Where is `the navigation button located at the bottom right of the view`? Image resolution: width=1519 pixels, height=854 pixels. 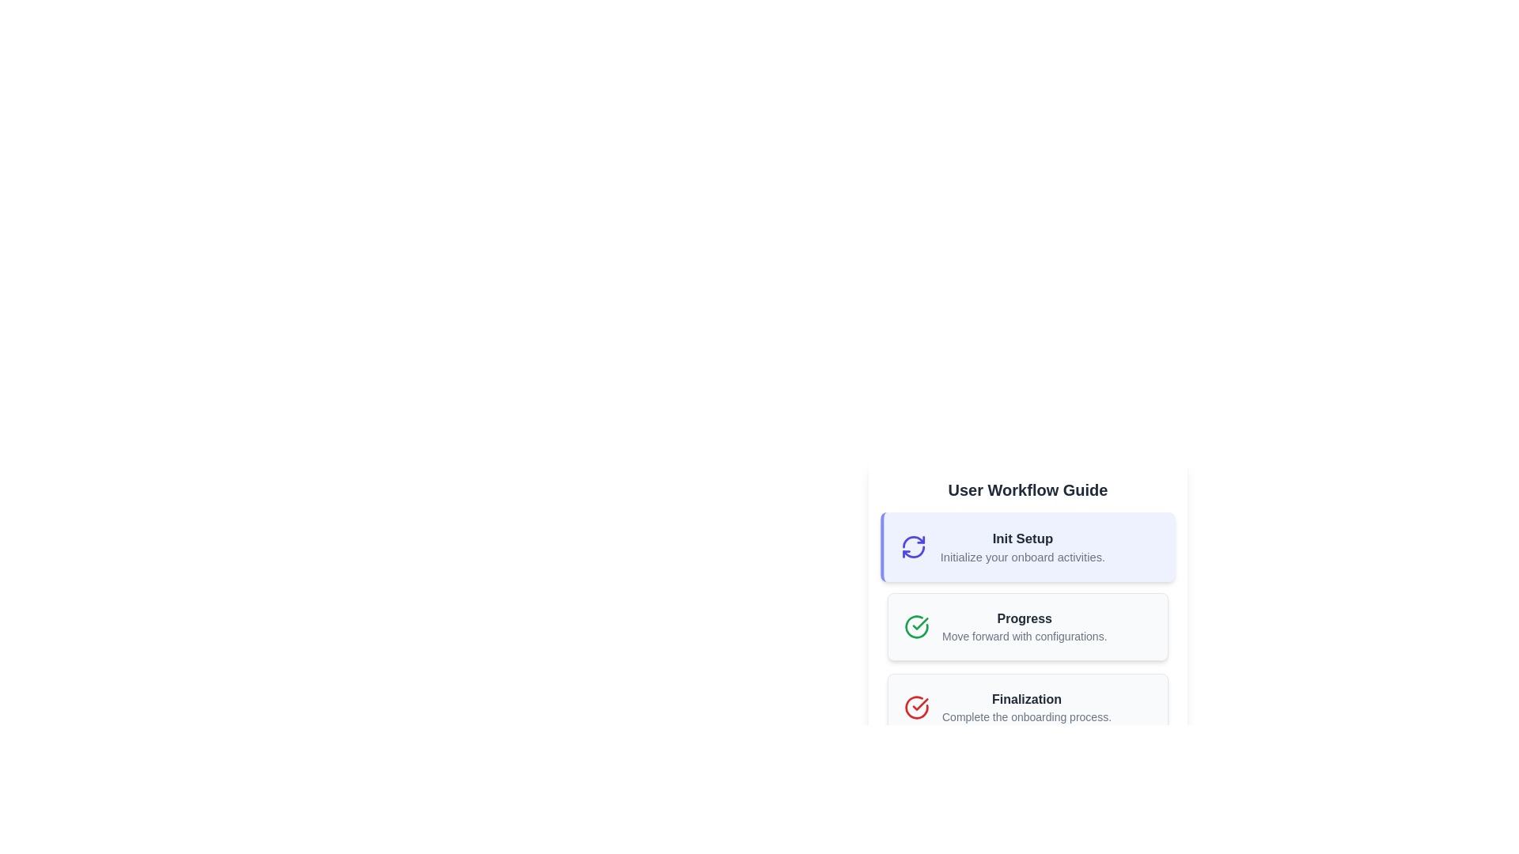 the navigation button located at the bottom right of the view is located at coordinates (1129, 783).